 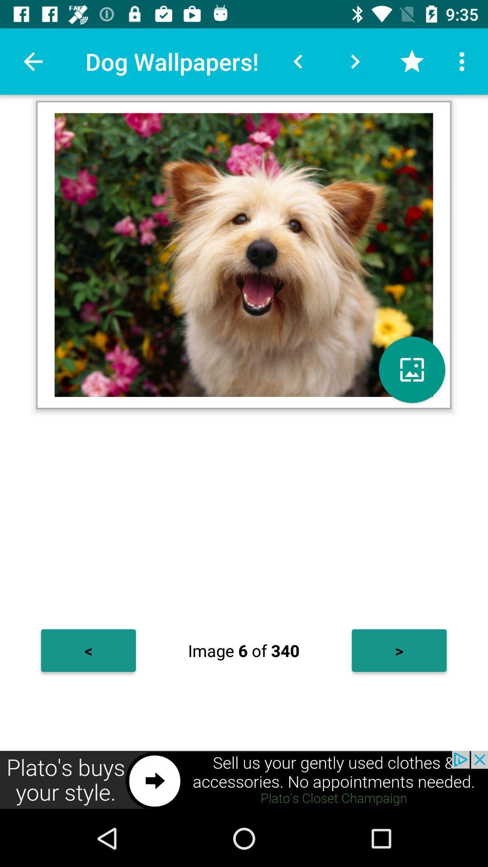 I want to click on download opsion, so click(x=412, y=370).